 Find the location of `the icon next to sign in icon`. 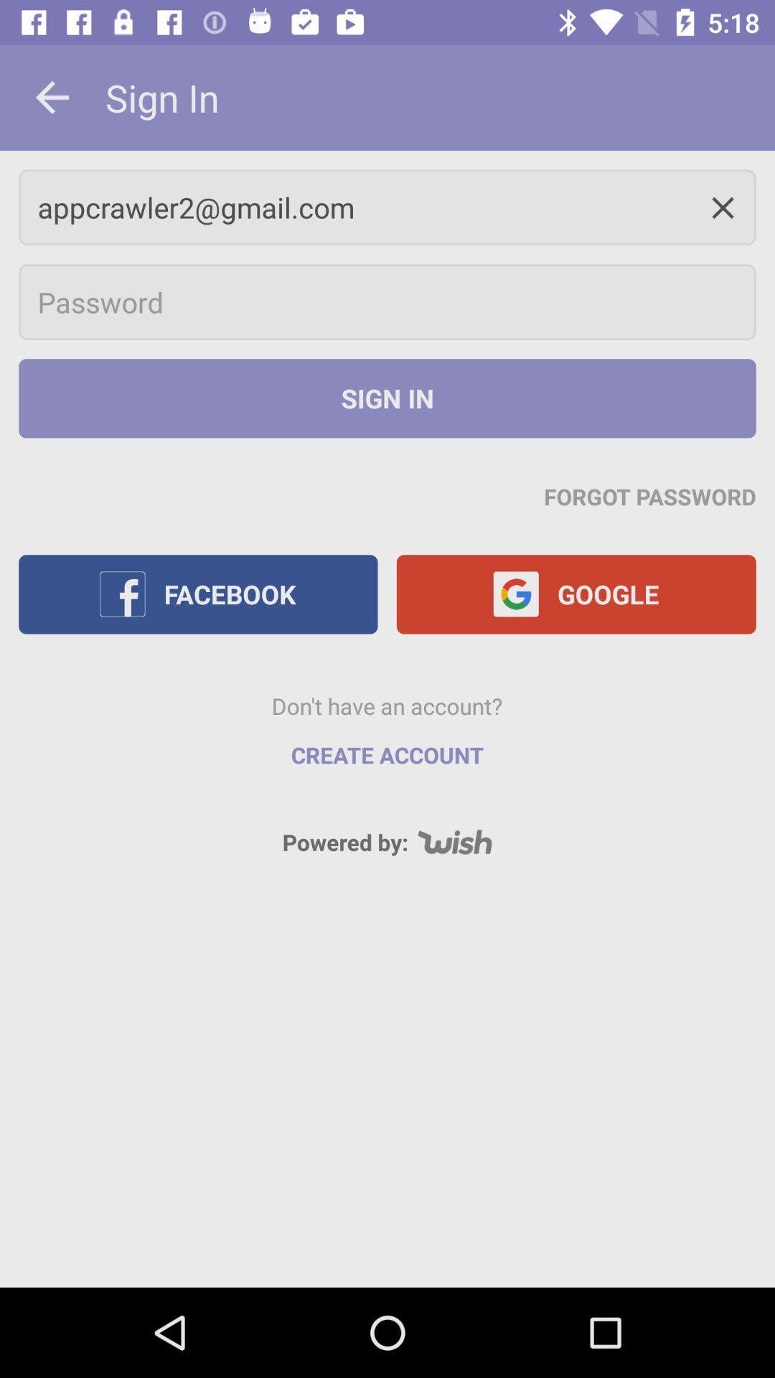

the icon next to sign in icon is located at coordinates (52, 97).